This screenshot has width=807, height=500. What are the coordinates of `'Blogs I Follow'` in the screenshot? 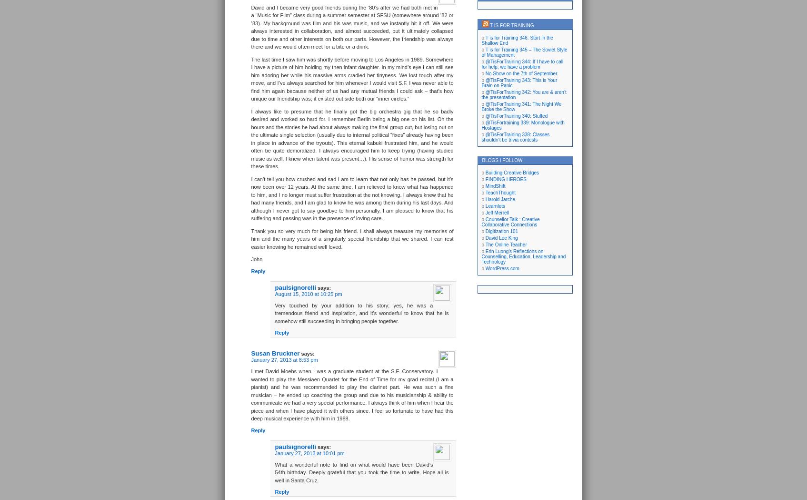 It's located at (502, 160).